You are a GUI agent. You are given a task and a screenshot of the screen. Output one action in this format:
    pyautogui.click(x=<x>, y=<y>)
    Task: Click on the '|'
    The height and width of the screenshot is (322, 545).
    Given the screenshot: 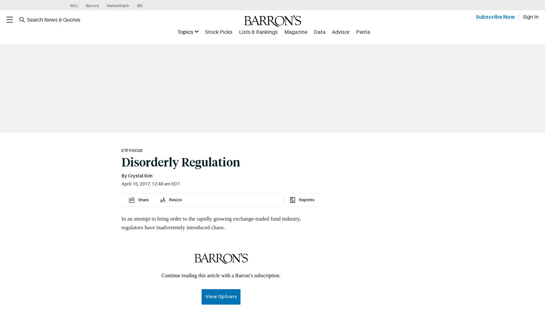 What is the action you would take?
    pyautogui.click(x=519, y=17)
    